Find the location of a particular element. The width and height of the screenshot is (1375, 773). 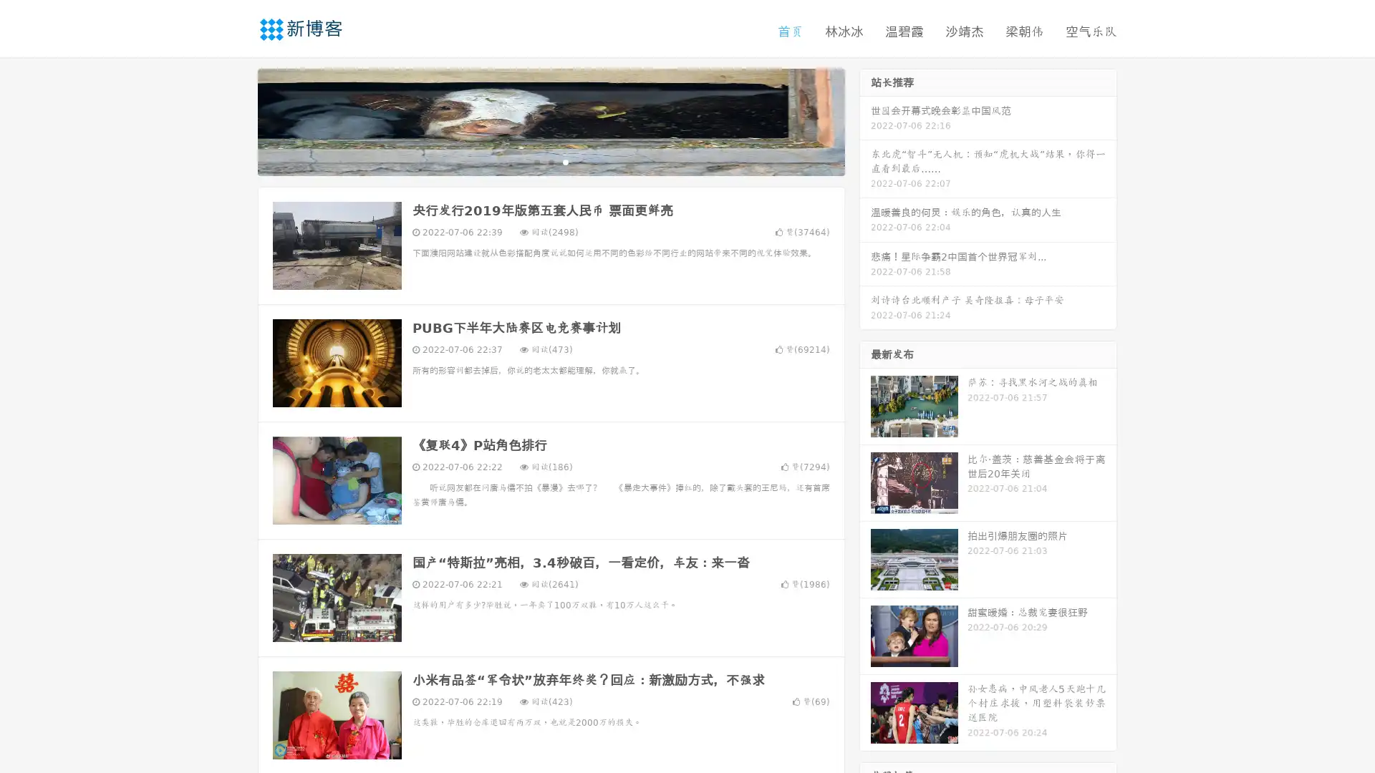

Go to slide 3 is located at coordinates (565, 161).